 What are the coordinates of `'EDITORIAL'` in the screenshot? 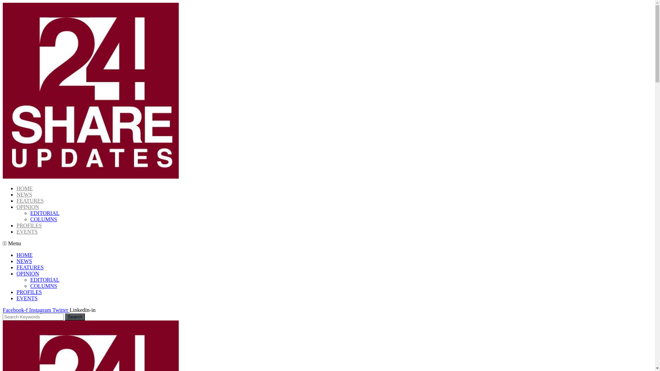 It's located at (30, 213).